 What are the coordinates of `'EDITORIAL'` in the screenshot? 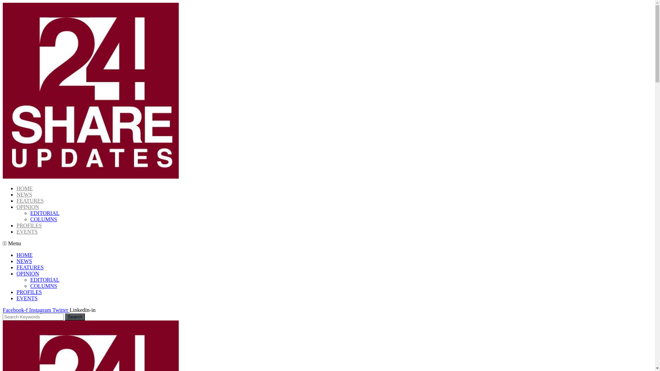 It's located at (30, 213).